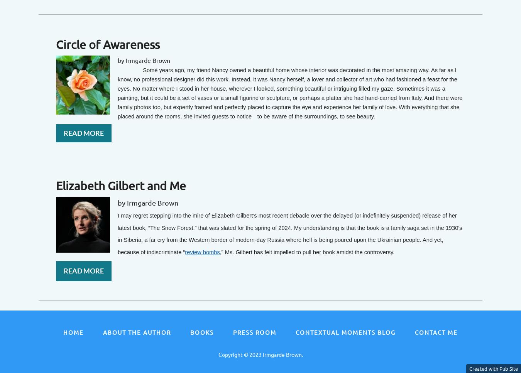  I want to click on 'Some years ago, my friend Nancy owned a beautiful home whose interior was decorated in the most amazing way. As far as I know, no professional designer did this work. Instead, it was Nancy herself, a lover and collector of art who had fashioned a feast for the eyes. No matter where I stood in her house, wherever I looked, something beautiful or intriguing filled my gaze. Sometimes it was a painting, but it could be a set of vases or a small figurine or sculpture, or perhaps a platter she had hand-carried from Italy. And there were family photos too, but expertly framed and perfectly placed to capture the eye and experience her family of love. With everything that she placed around the rooms, she invited guests to notice—to be aware of the surroundings, to see beauty.', so click(117, 93).